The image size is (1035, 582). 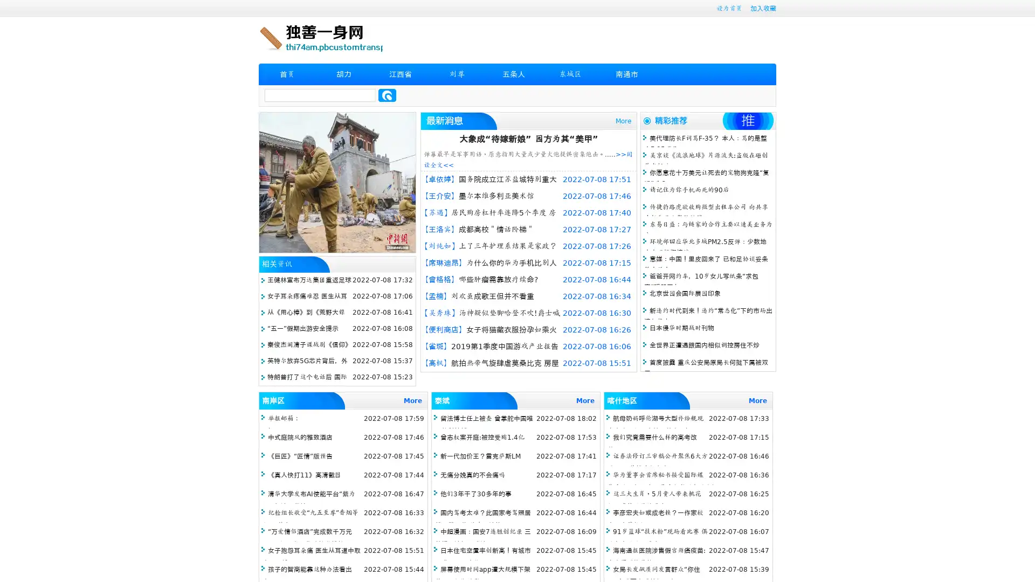 I want to click on Search, so click(x=387, y=95).